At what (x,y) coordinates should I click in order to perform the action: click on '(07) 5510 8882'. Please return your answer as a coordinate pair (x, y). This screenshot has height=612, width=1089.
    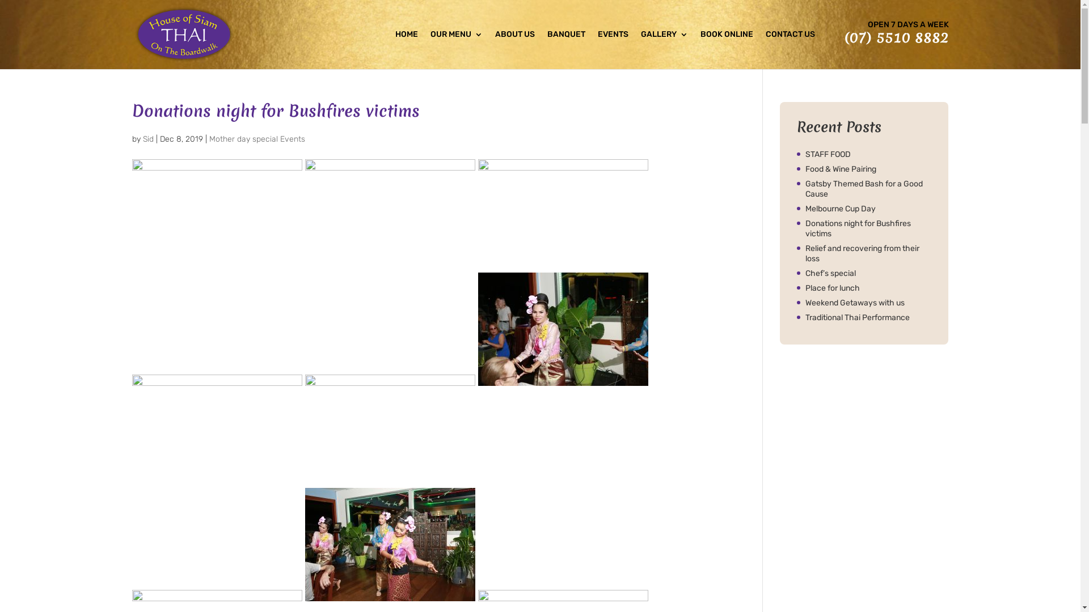
    Looking at the image, I should click on (895, 36).